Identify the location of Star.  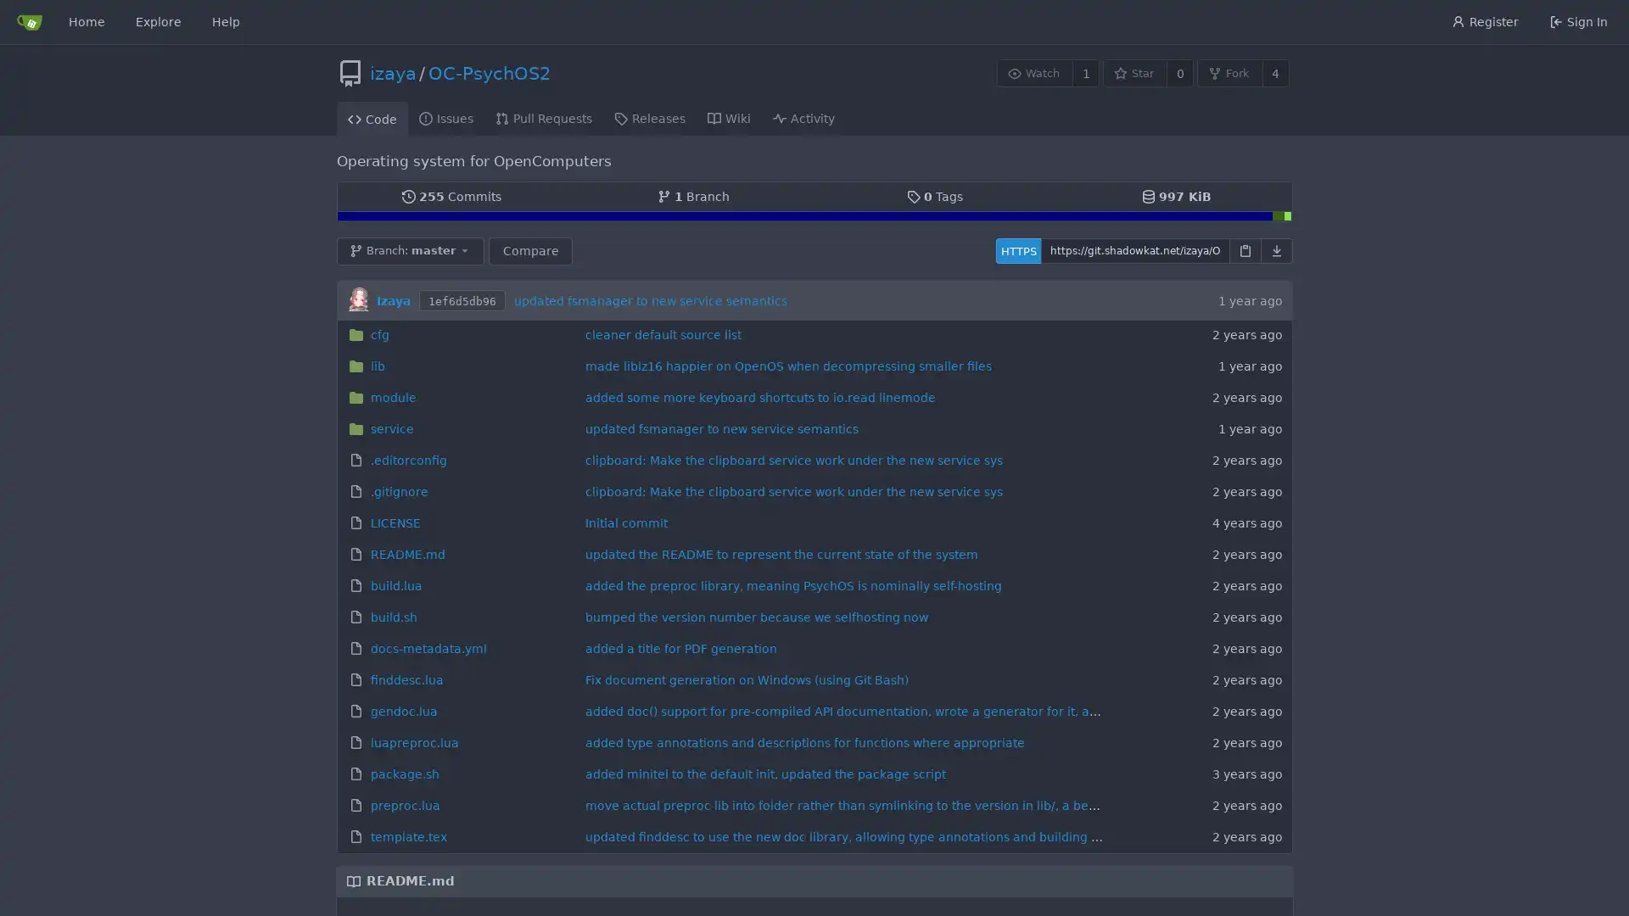
(1134, 72).